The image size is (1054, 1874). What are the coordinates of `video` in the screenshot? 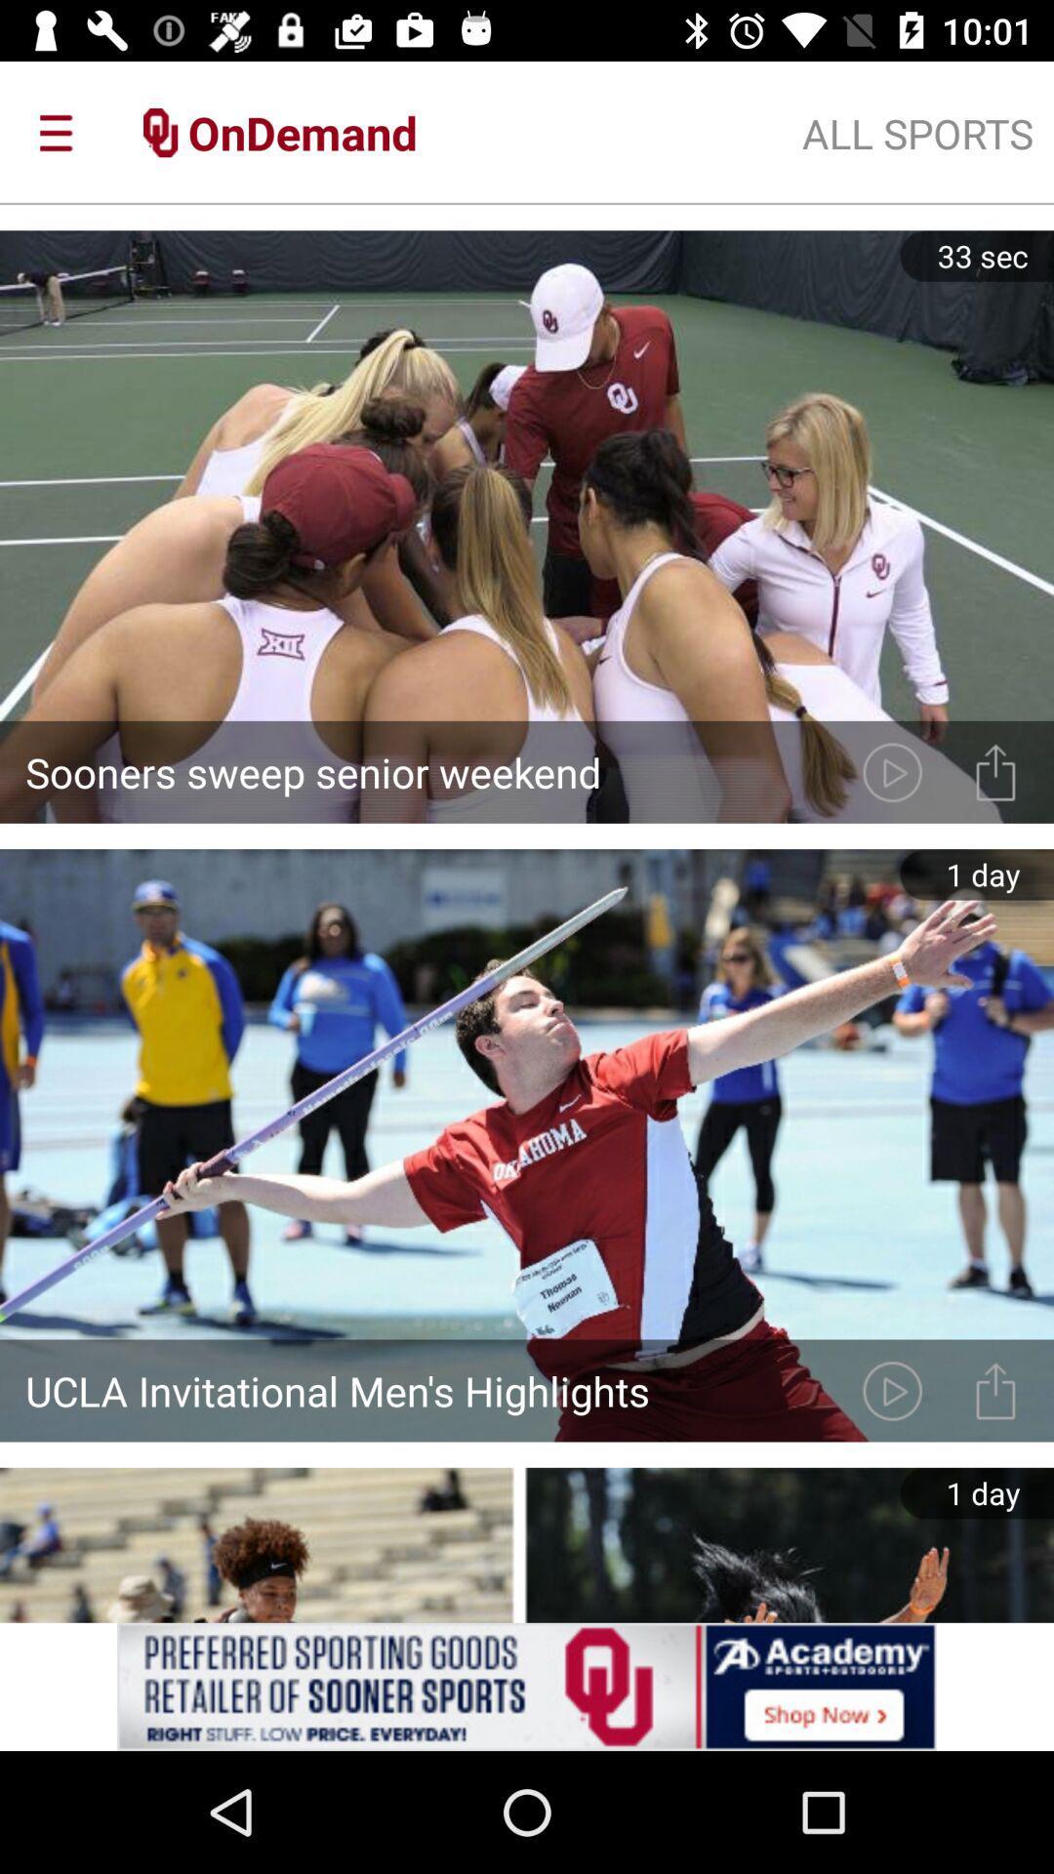 It's located at (892, 771).